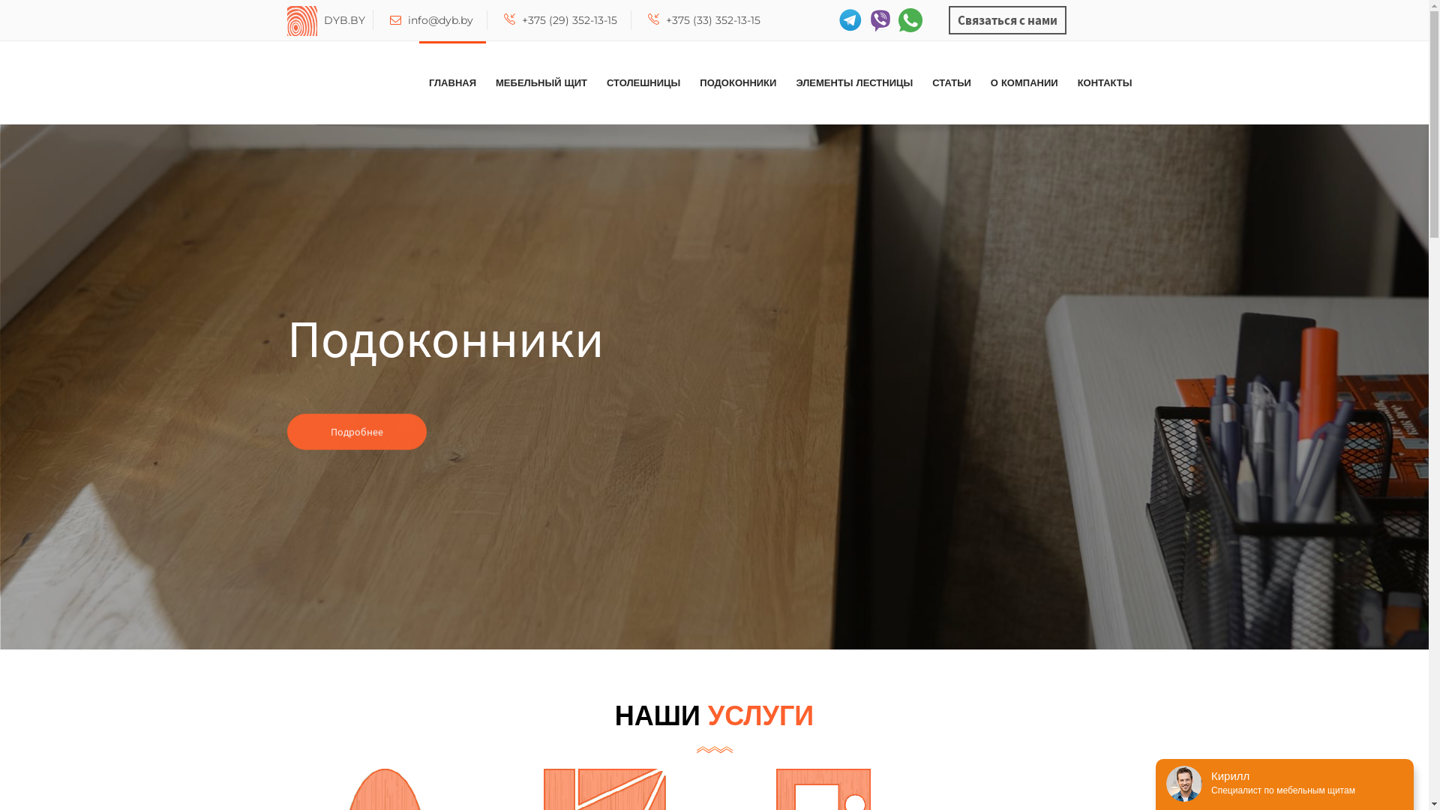  What do you see at coordinates (286, 19) in the screenshot?
I see `'DYB.BY'` at bounding box center [286, 19].